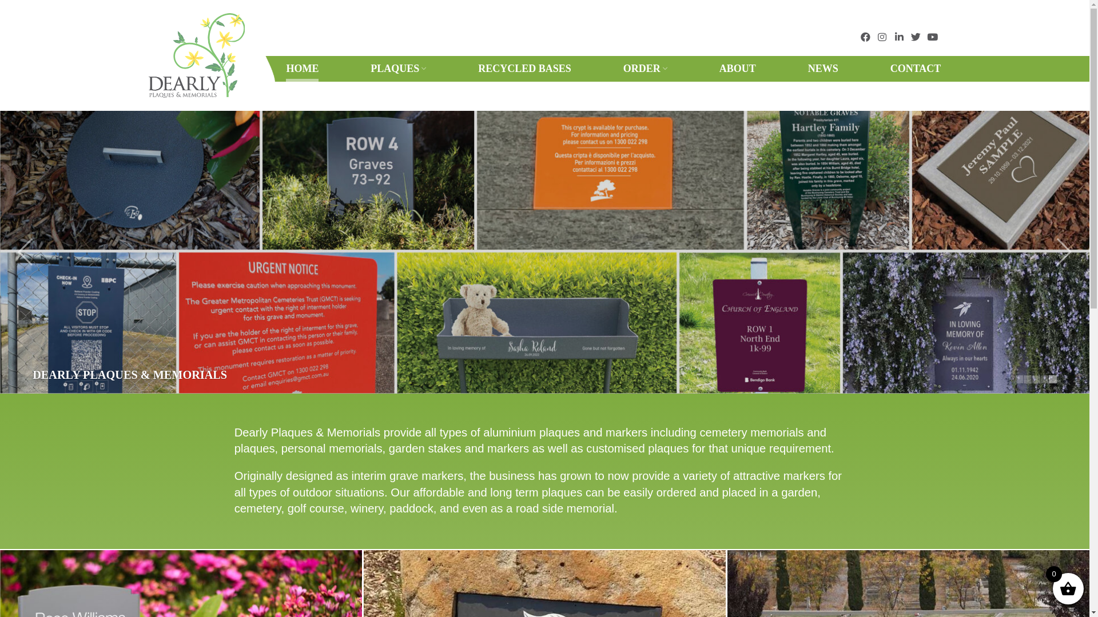 This screenshot has width=1098, height=617. Describe the element at coordinates (524, 69) in the screenshot. I see `'RECYCLED BASES'` at that location.